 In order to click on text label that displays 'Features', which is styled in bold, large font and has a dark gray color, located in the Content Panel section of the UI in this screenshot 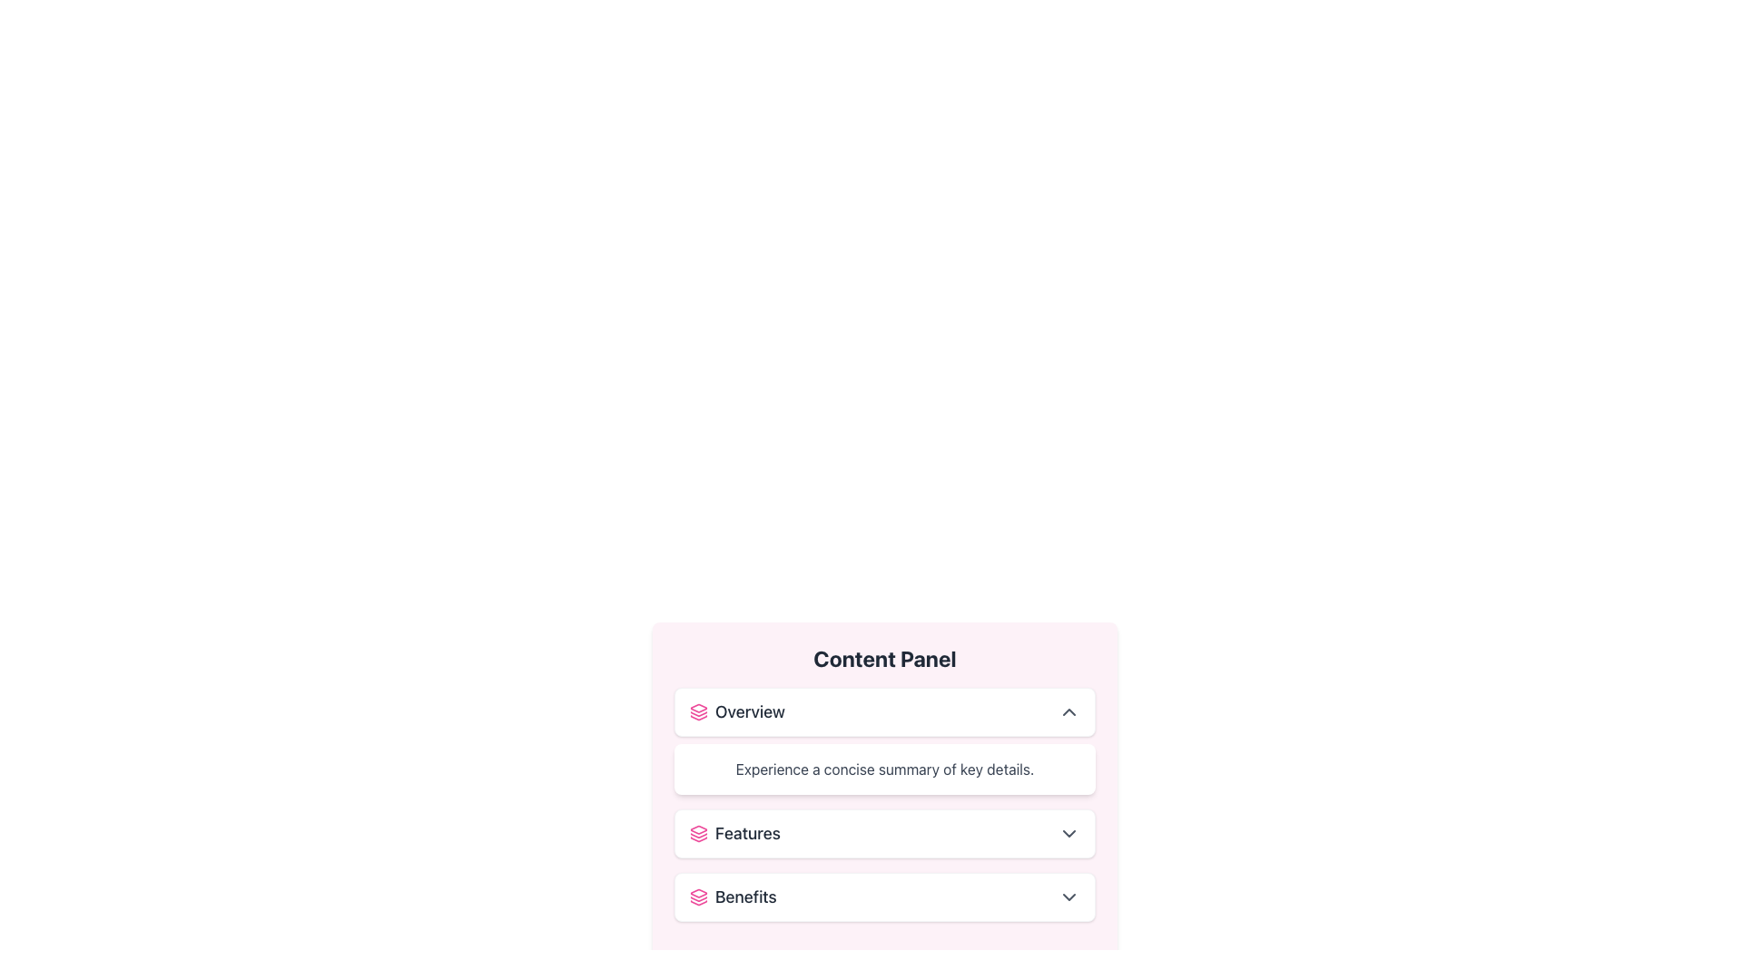, I will do `click(734, 833)`.